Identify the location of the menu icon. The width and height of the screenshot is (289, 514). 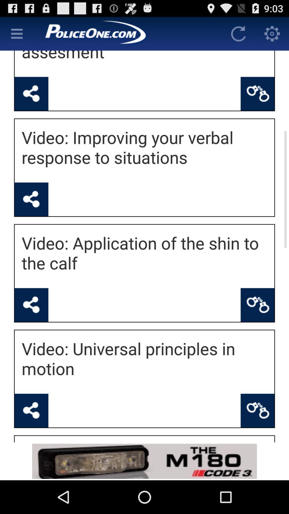
(16, 36).